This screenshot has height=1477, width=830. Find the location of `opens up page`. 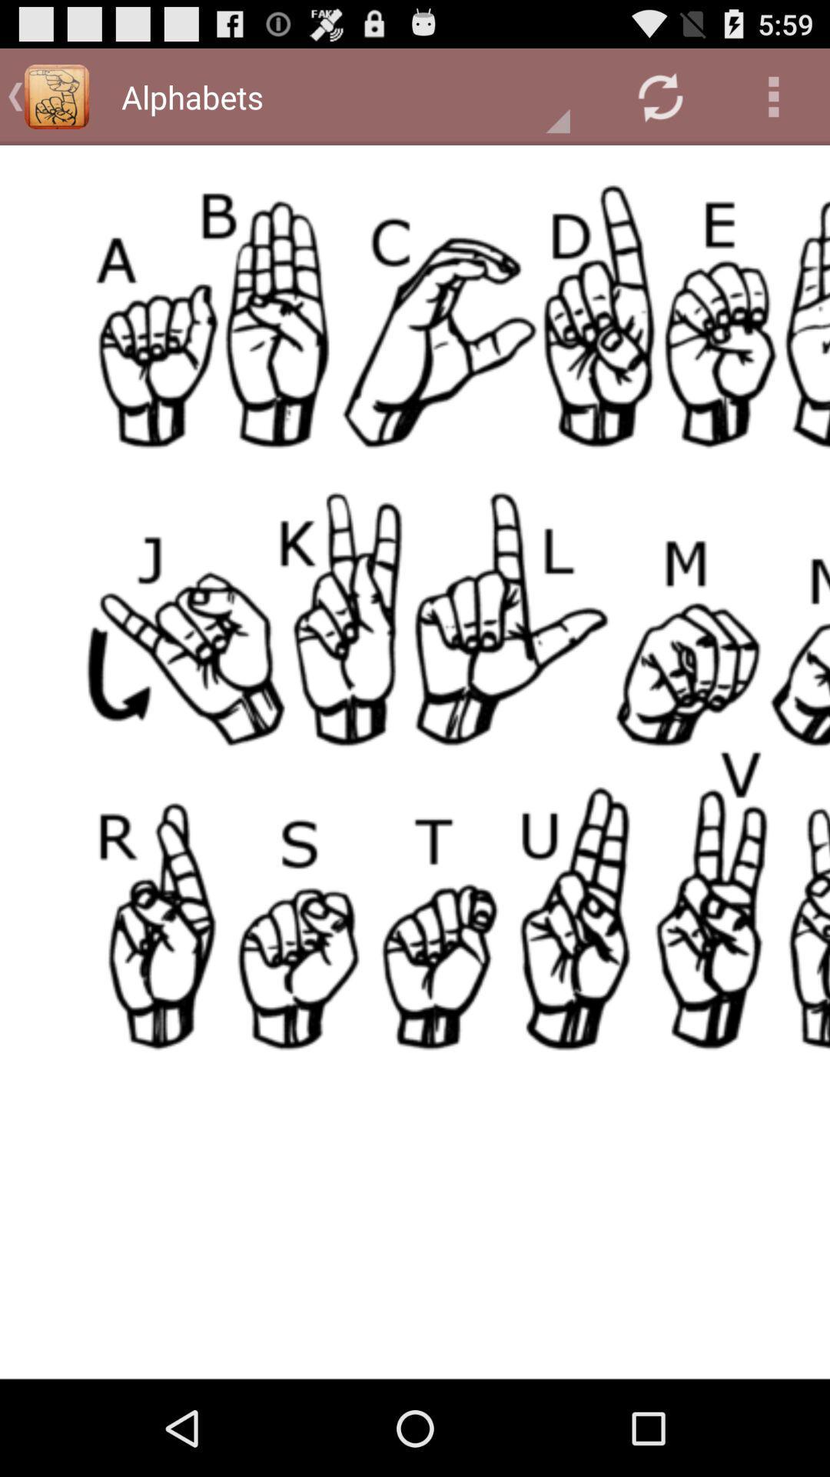

opens up page is located at coordinates (415, 762).